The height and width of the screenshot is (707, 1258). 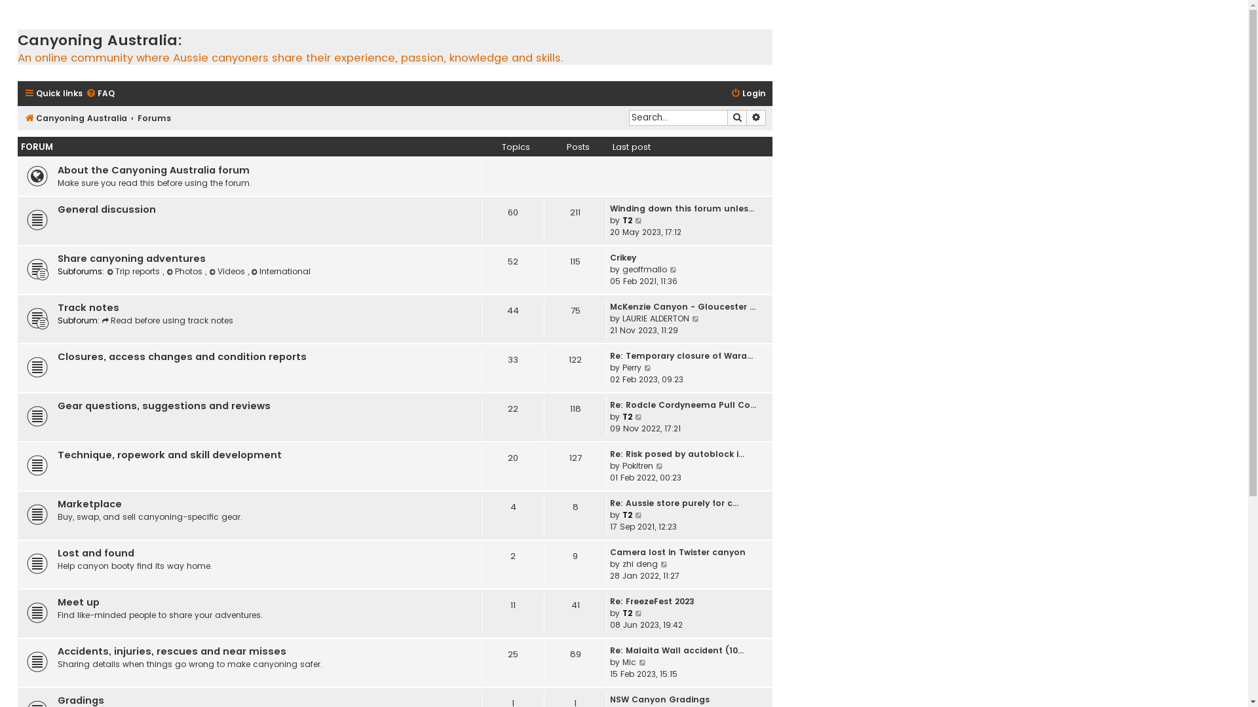 I want to click on 'Gear questions, suggestions and reviews', so click(x=163, y=406).